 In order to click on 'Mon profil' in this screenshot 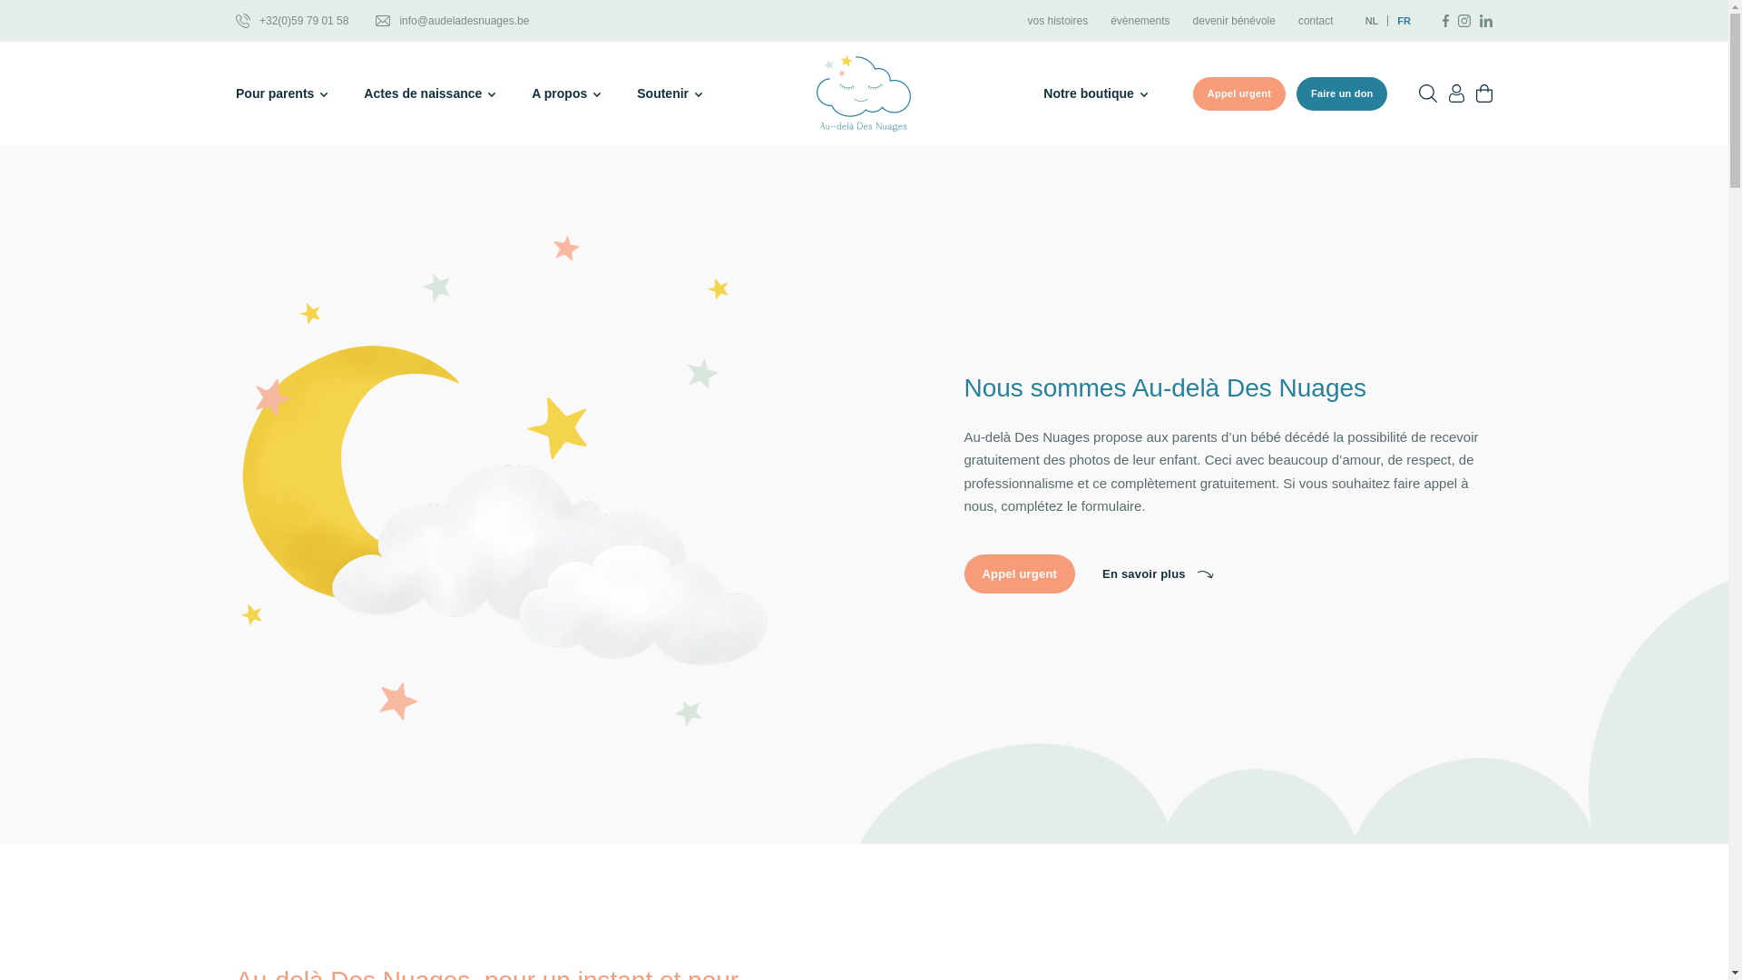, I will do `click(1456, 93)`.